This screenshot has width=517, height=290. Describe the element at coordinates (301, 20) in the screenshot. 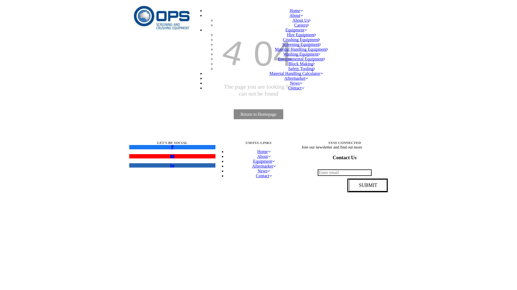

I see `'About Us'` at that location.